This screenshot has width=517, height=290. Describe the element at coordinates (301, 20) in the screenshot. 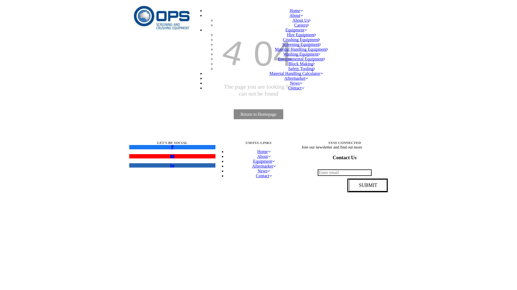

I see `'About Us'` at that location.